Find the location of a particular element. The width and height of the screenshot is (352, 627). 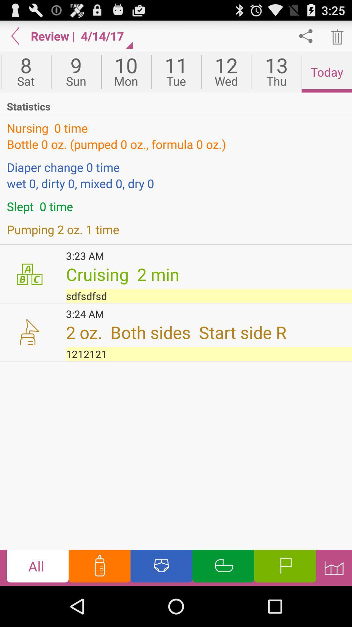

log sleep is located at coordinates (223, 567).